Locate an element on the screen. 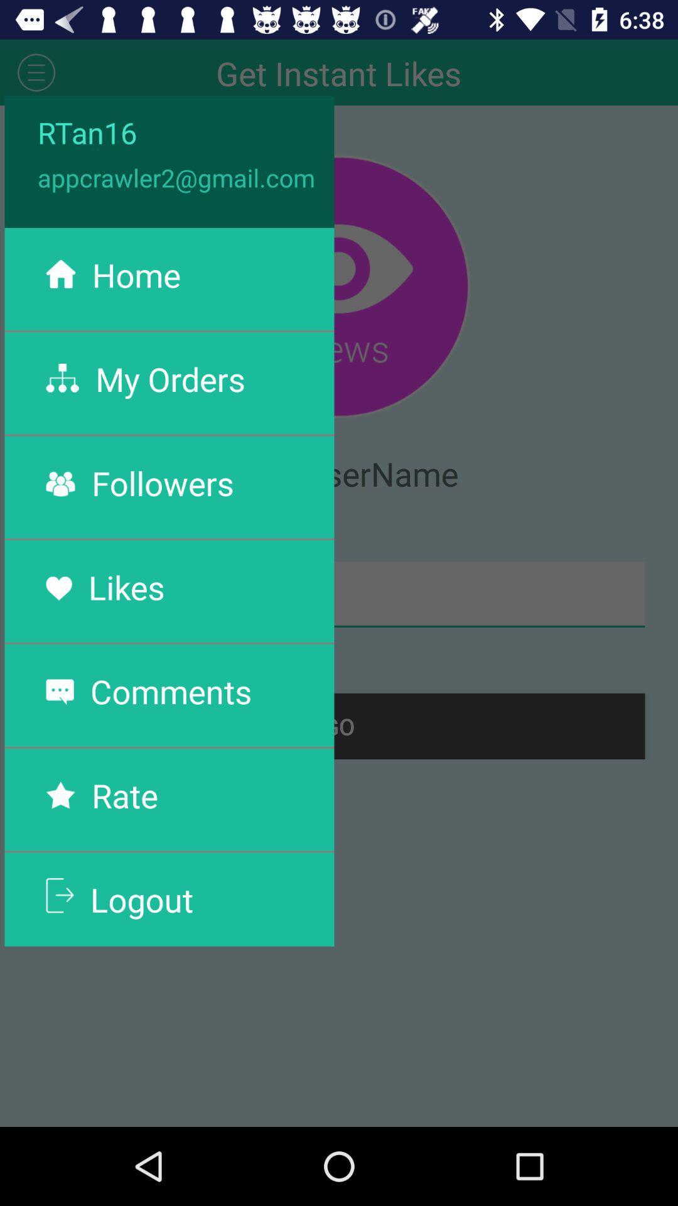 This screenshot has height=1206, width=678. likes is located at coordinates (126, 586).